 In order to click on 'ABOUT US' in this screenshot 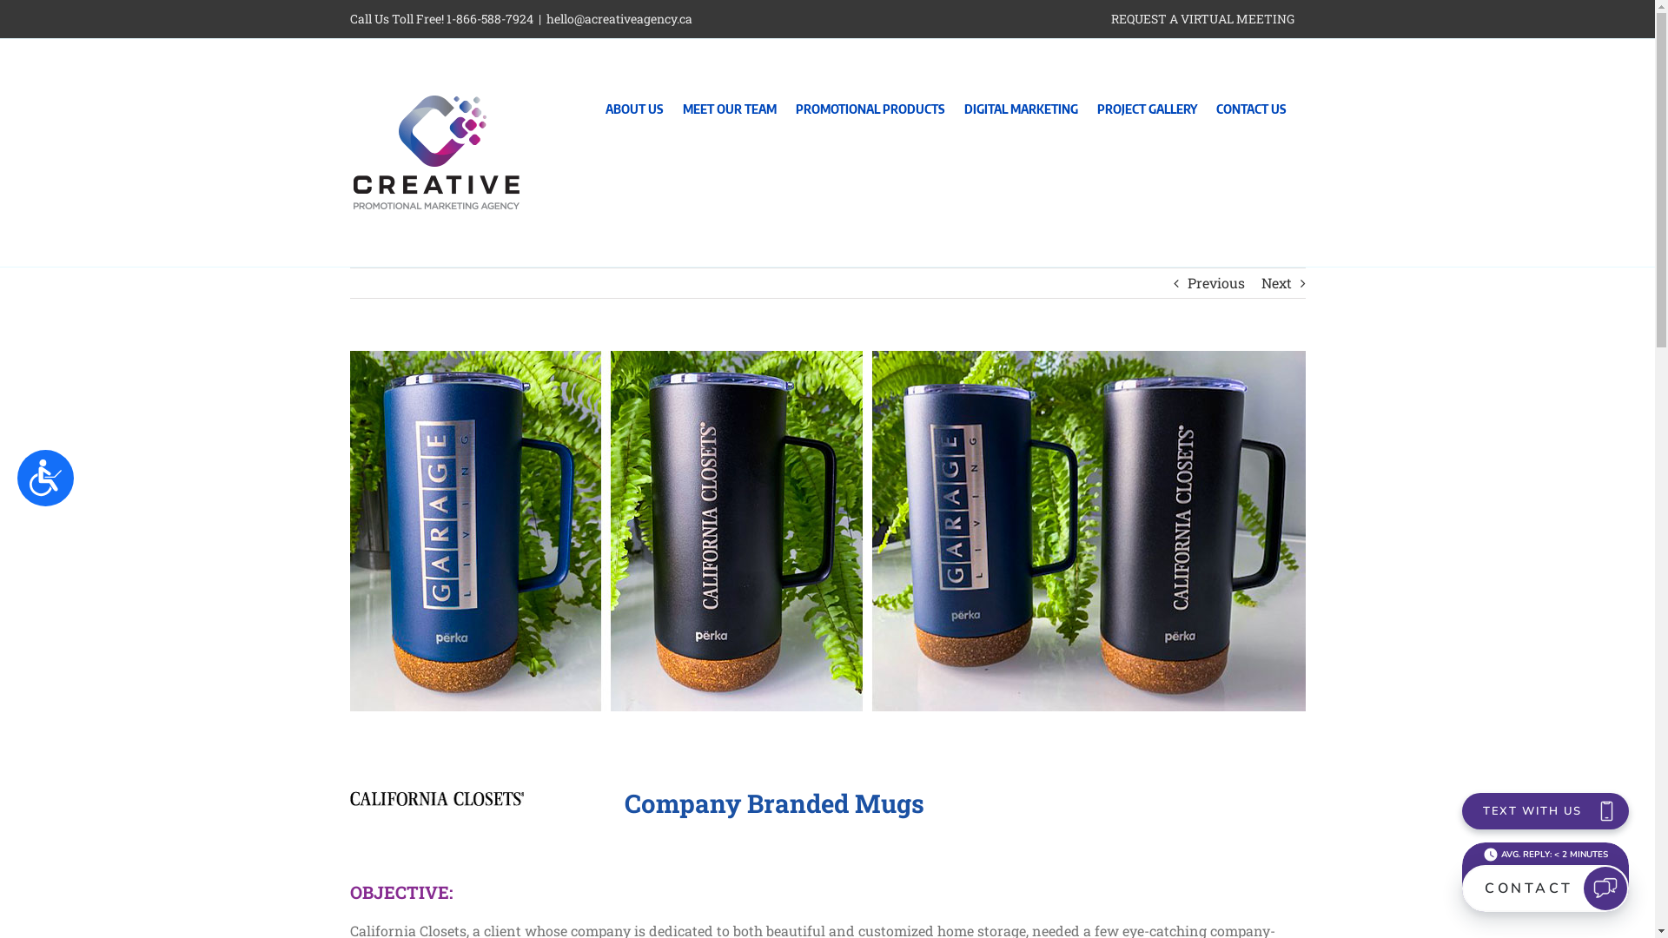, I will do `click(632, 103)`.